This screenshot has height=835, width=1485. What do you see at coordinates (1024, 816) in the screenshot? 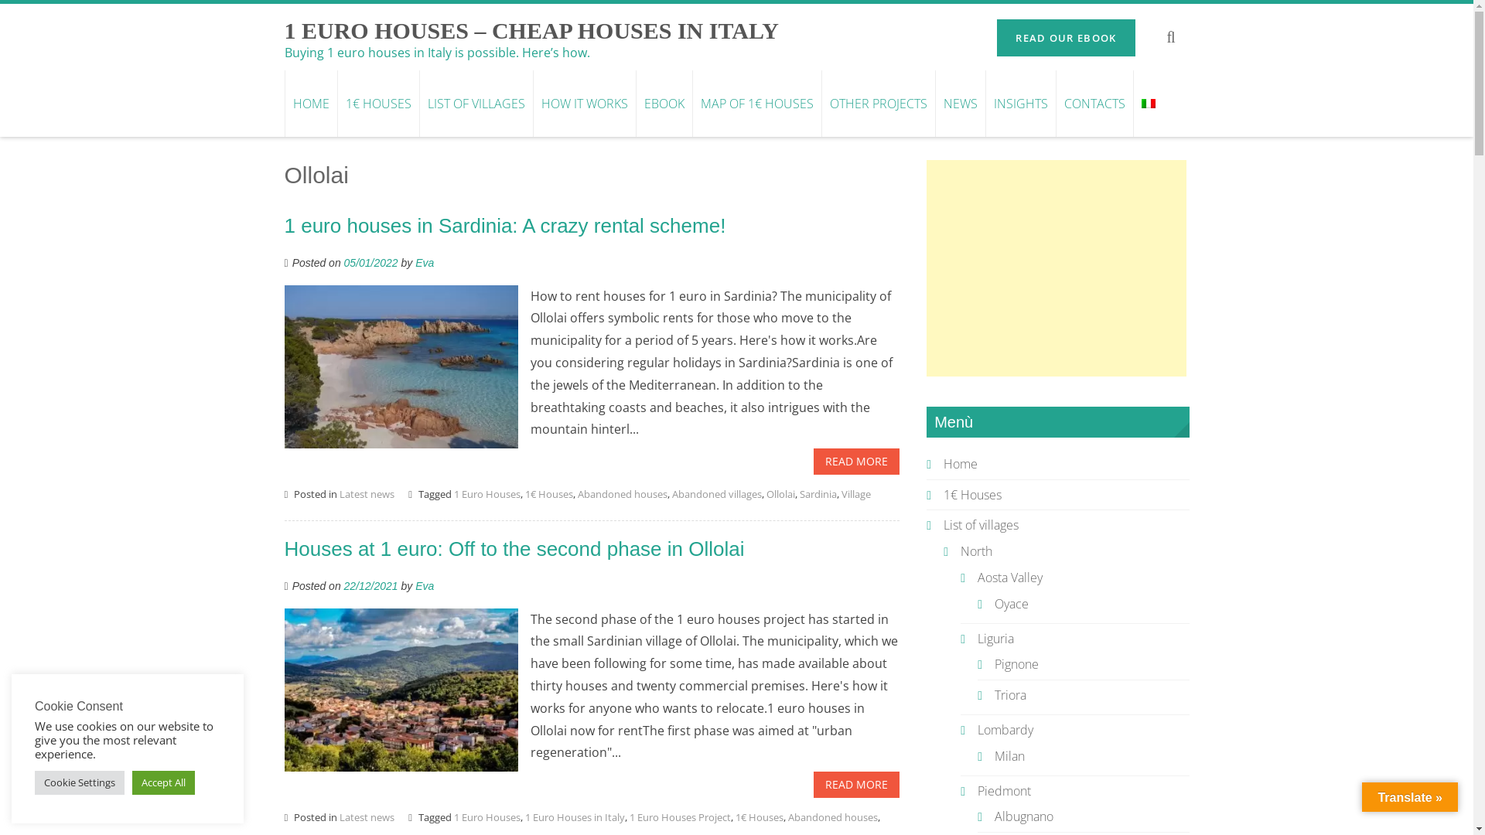
I see `'Albugnano'` at bounding box center [1024, 816].